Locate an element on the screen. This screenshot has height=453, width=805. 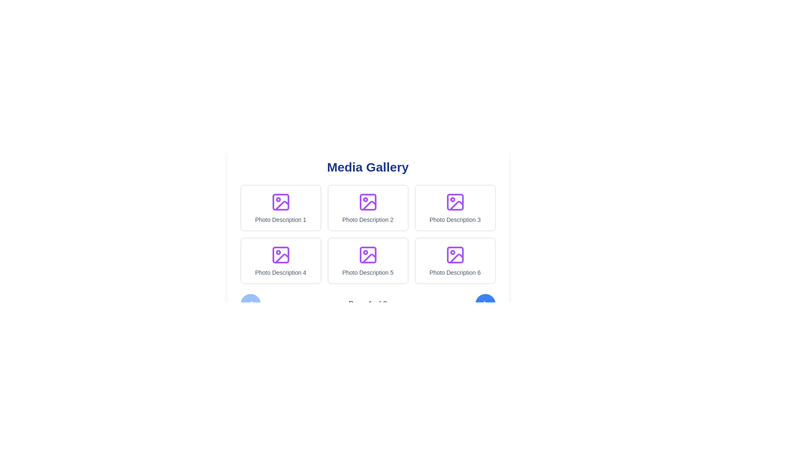
the Text Label that displays the description for the associated image in the Media Gallery, located at the bottom center of the last card in a 2x3 grid is located at coordinates (454, 273).